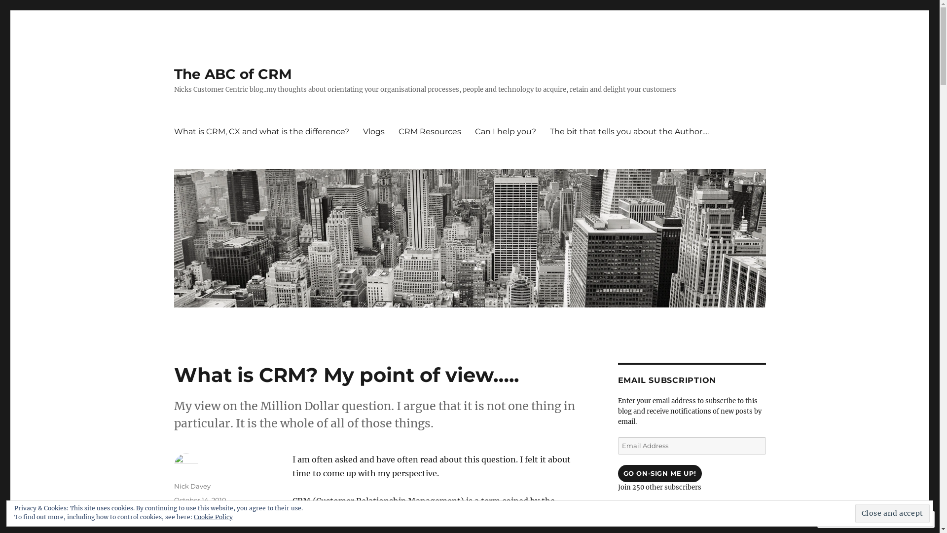  Describe the element at coordinates (355, 131) in the screenshot. I see `'Vlogs'` at that location.